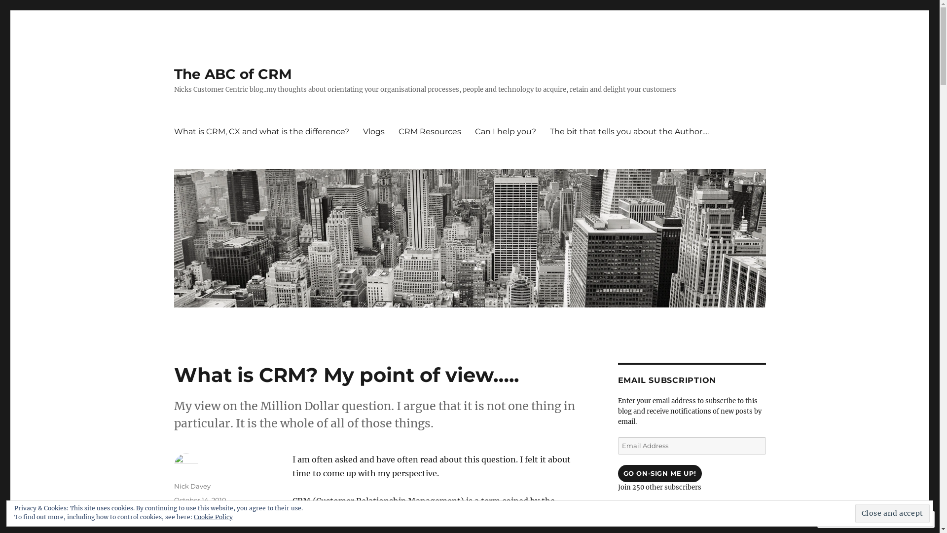  Describe the element at coordinates (355, 131) in the screenshot. I see `'Vlogs'` at that location.